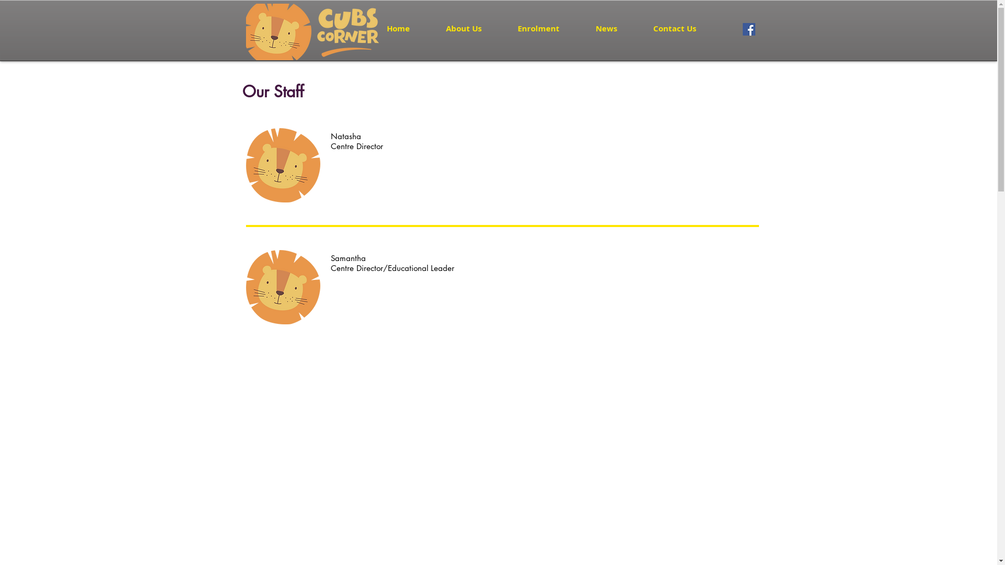 The image size is (1005, 565). Describe the element at coordinates (473, 28) in the screenshot. I see `'About Us'` at that location.